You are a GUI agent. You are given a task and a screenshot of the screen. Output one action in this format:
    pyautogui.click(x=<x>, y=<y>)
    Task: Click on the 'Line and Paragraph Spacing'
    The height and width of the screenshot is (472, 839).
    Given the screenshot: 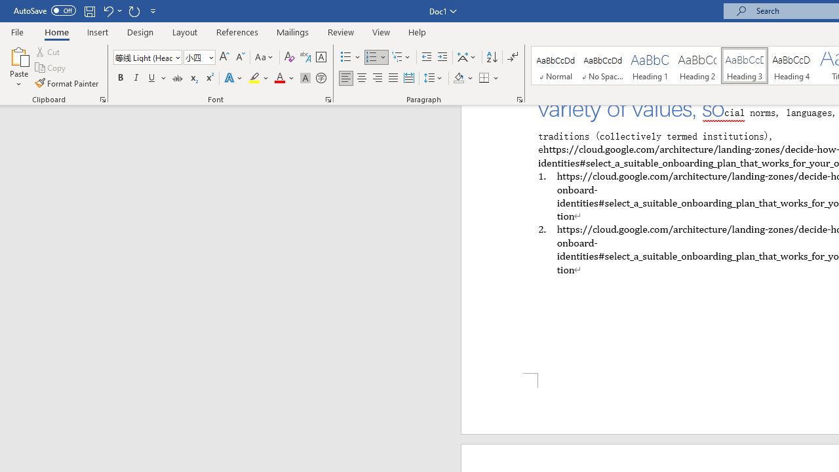 What is the action you would take?
    pyautogui.click(x=433, y=78)
    